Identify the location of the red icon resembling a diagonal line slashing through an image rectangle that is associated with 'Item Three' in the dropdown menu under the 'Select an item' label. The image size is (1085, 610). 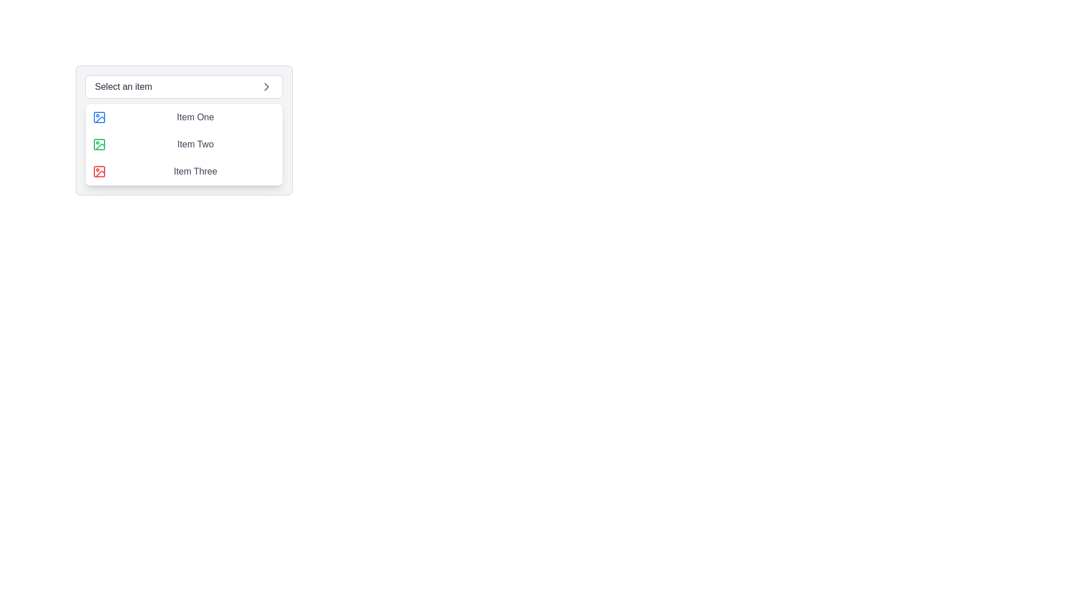
(100, 174).